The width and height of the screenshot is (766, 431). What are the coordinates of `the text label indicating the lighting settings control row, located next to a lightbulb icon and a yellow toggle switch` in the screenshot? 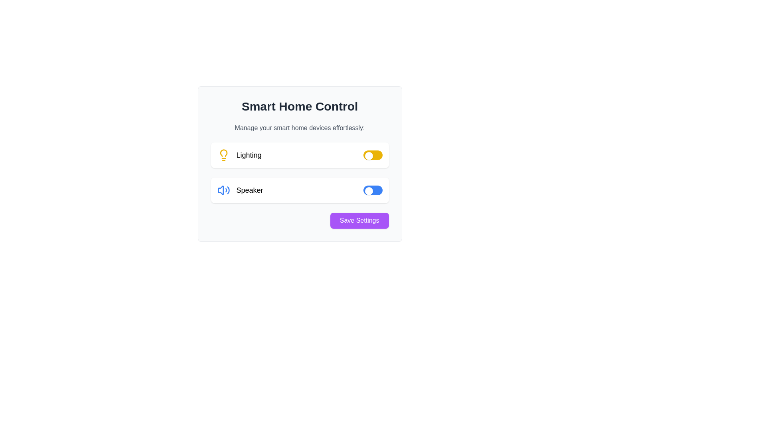 It's located at (249, 155).